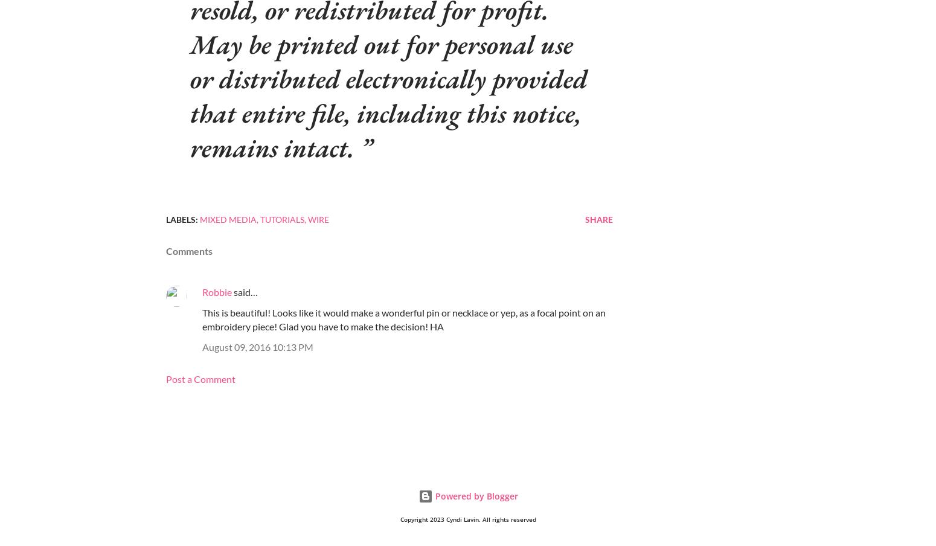  What do you see at coordinates (165, 378) in the screenshot?
I see `'Post a Comment'` at bounding box center [165, 378].